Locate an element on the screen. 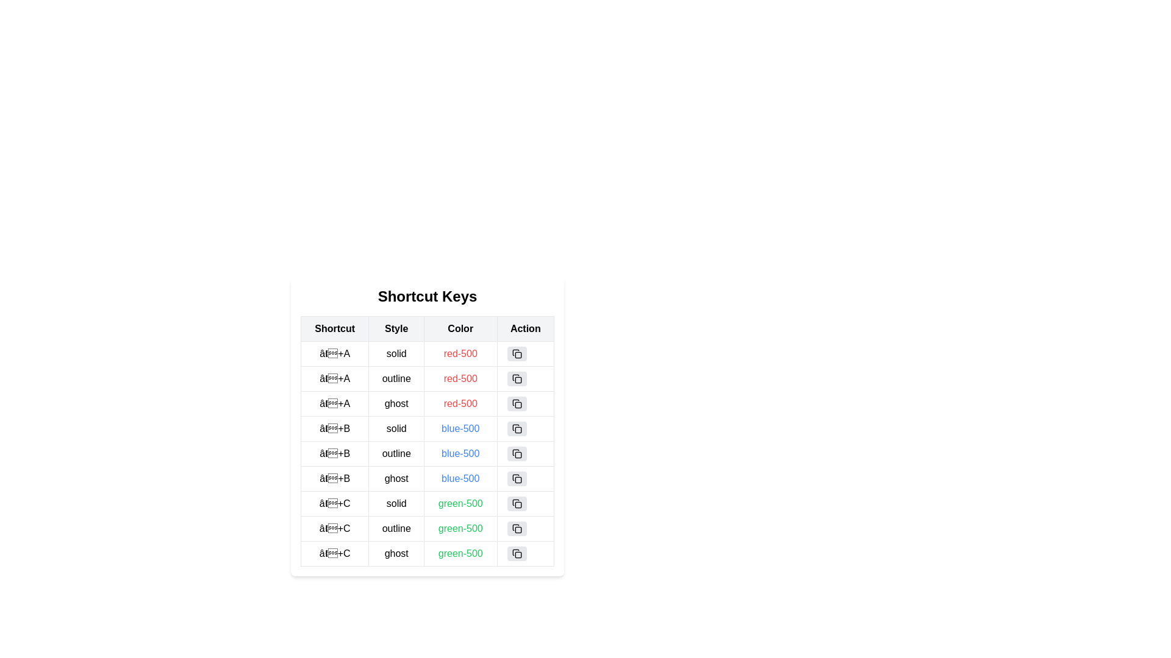 The height and width of the screenshot is (658, 1171). the Table Header Cell labeled 'Shortcut' is located at coordinates (335, 329).